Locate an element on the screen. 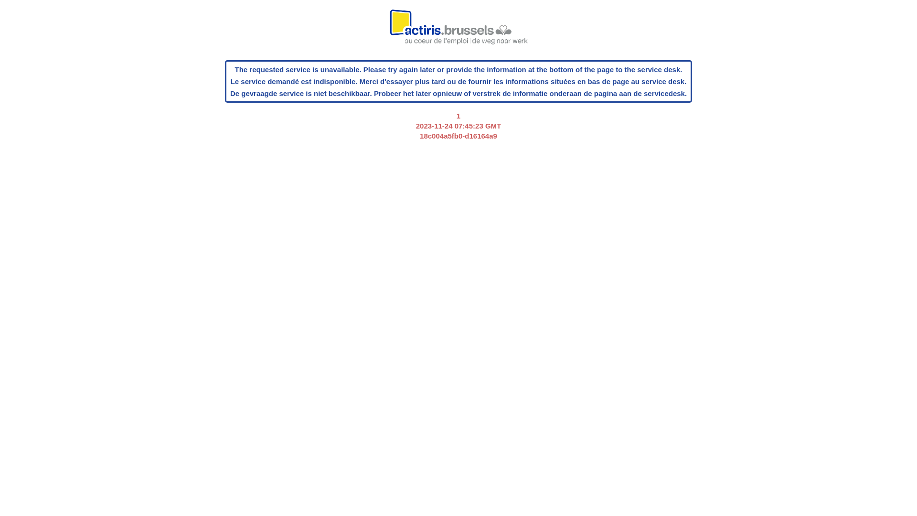 The height and width of the screenshot is (516, 917). 'actiris_logo.png' is located at coordinates (458, 31).